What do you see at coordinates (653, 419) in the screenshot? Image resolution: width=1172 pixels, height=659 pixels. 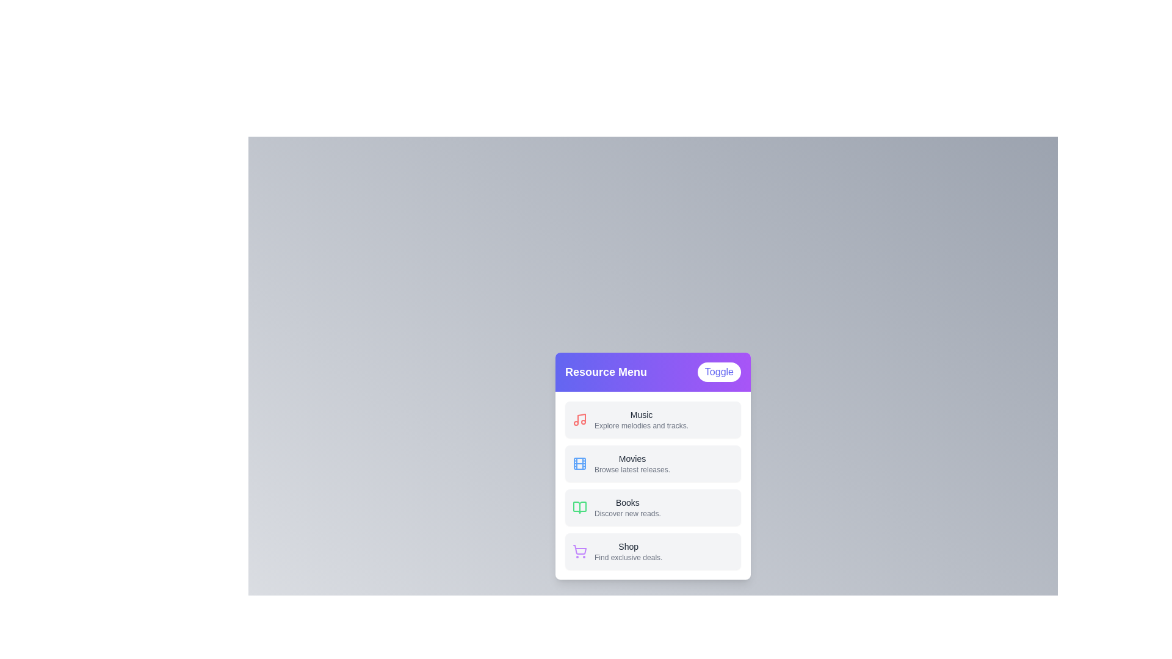 I see `the menu item labeled 'Music'` at bounding box center [653, 419].